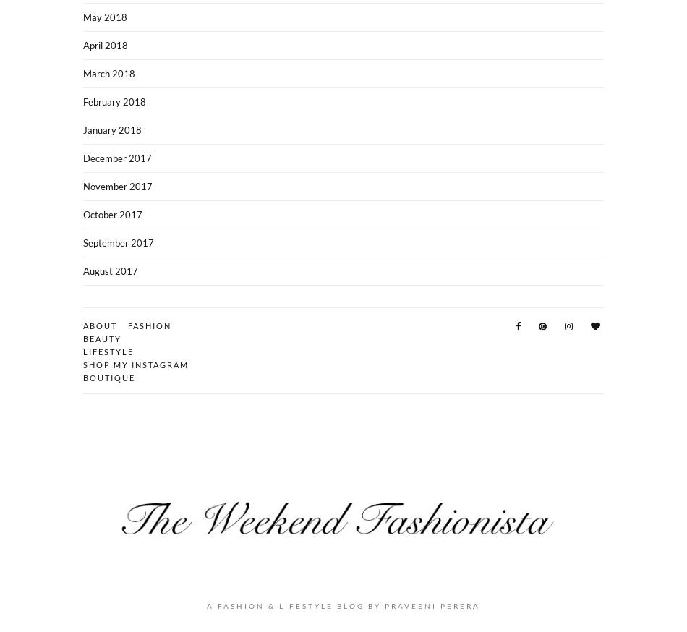  What do you see at coordinates (127, 325) in the screenshot?
I see `'Fashion'` at bounding box center [127, 325].